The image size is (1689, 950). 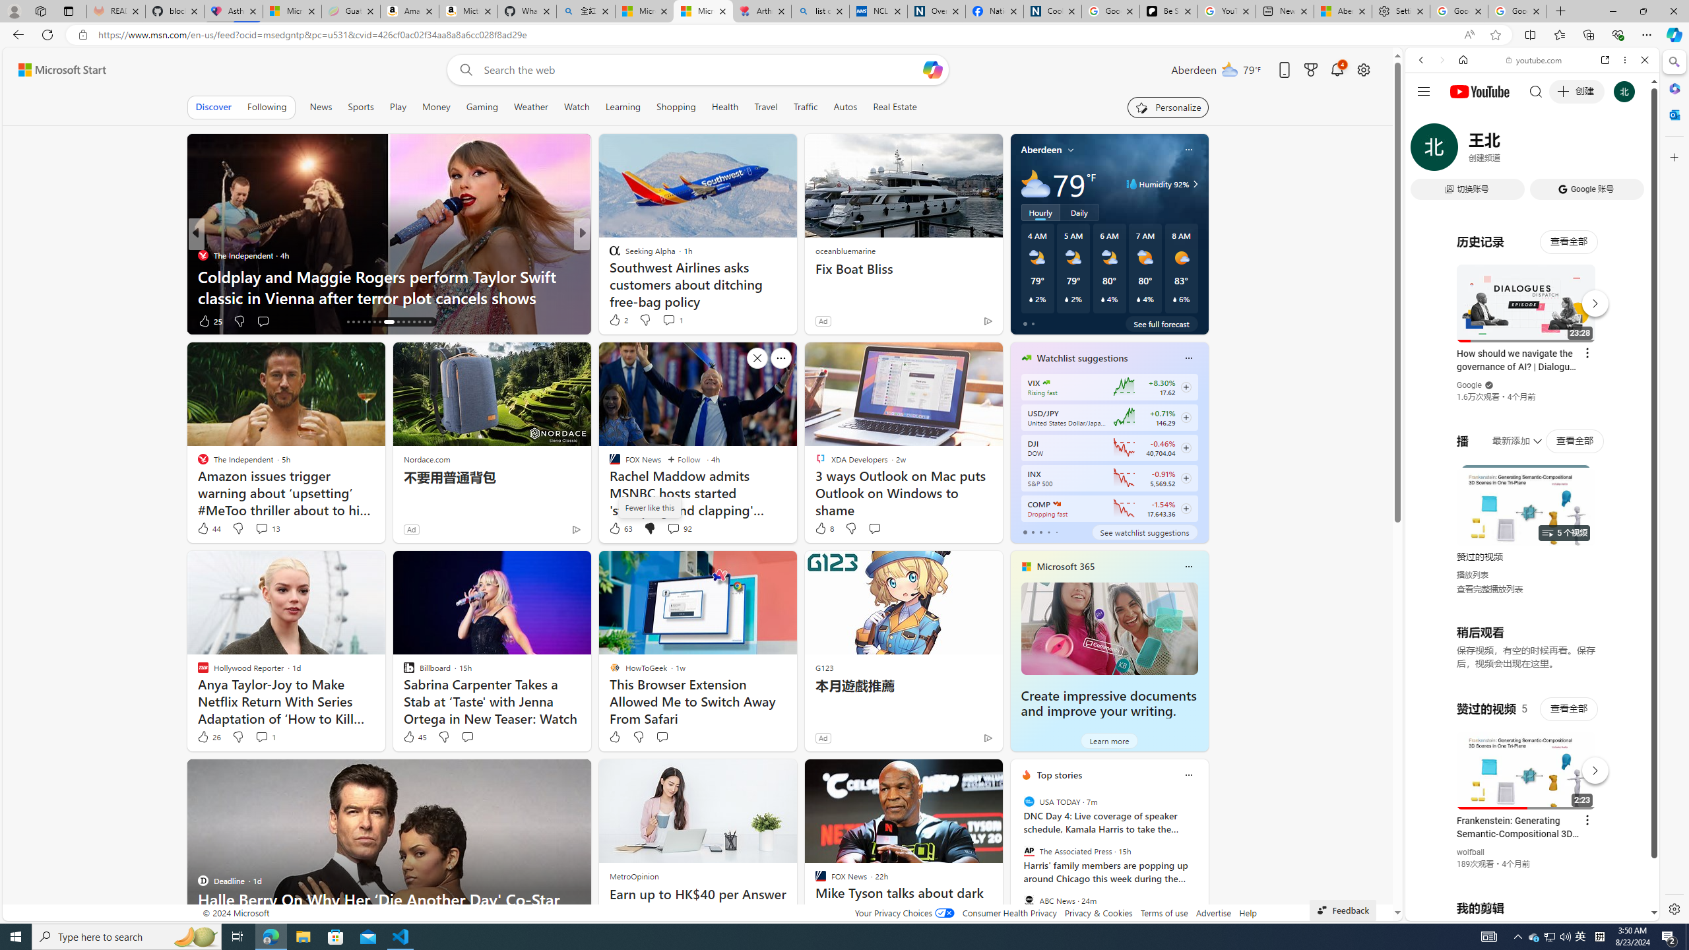 I want to click on 'youtube.com', so click(x=1533, y=60).